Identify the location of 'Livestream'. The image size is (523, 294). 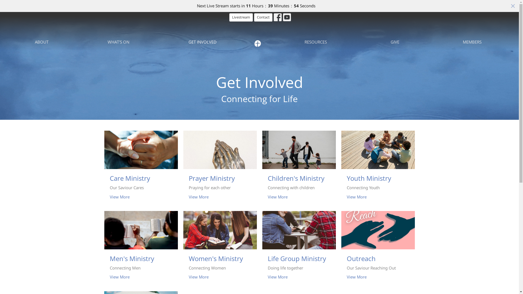
(241, 17).